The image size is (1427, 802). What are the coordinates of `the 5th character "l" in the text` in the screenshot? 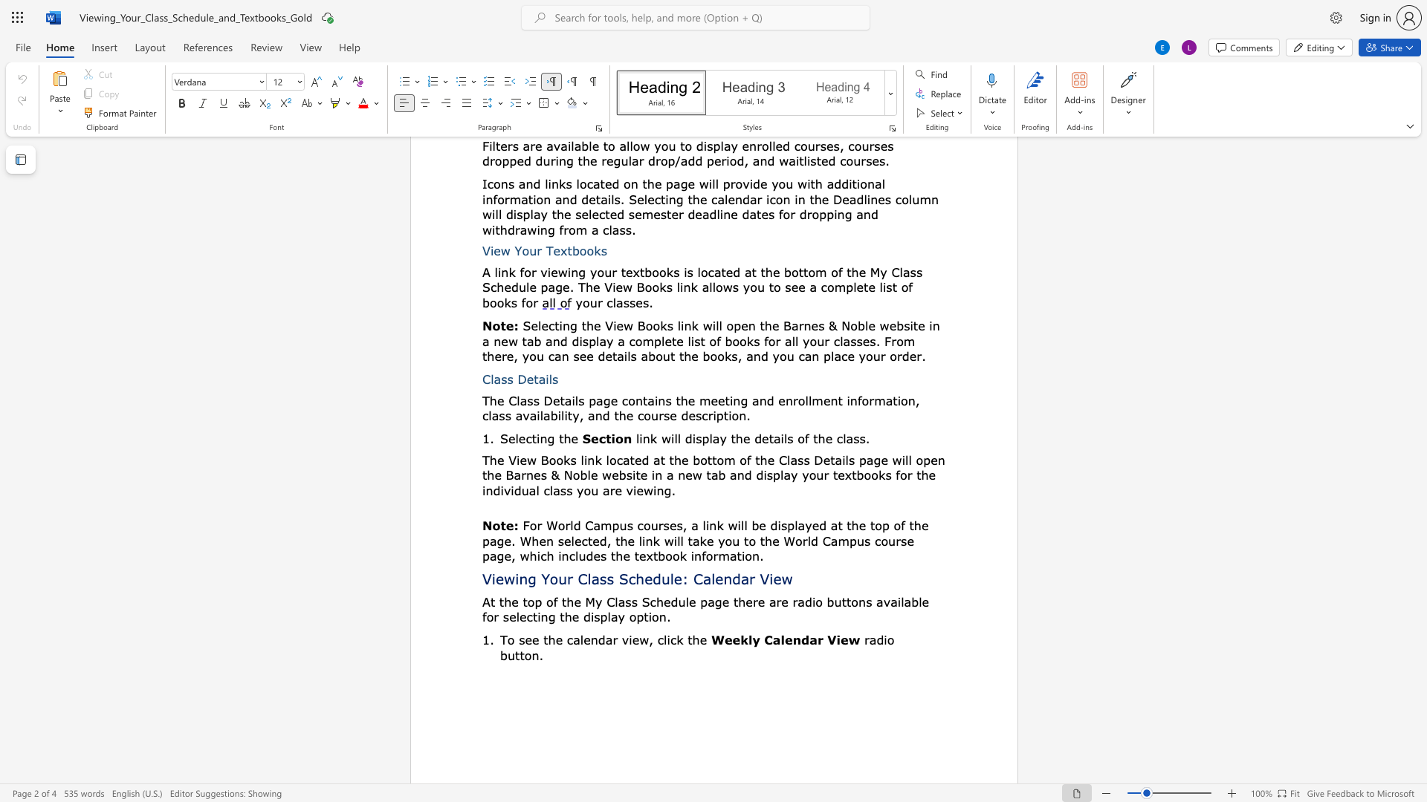 It's located at (785, 437).